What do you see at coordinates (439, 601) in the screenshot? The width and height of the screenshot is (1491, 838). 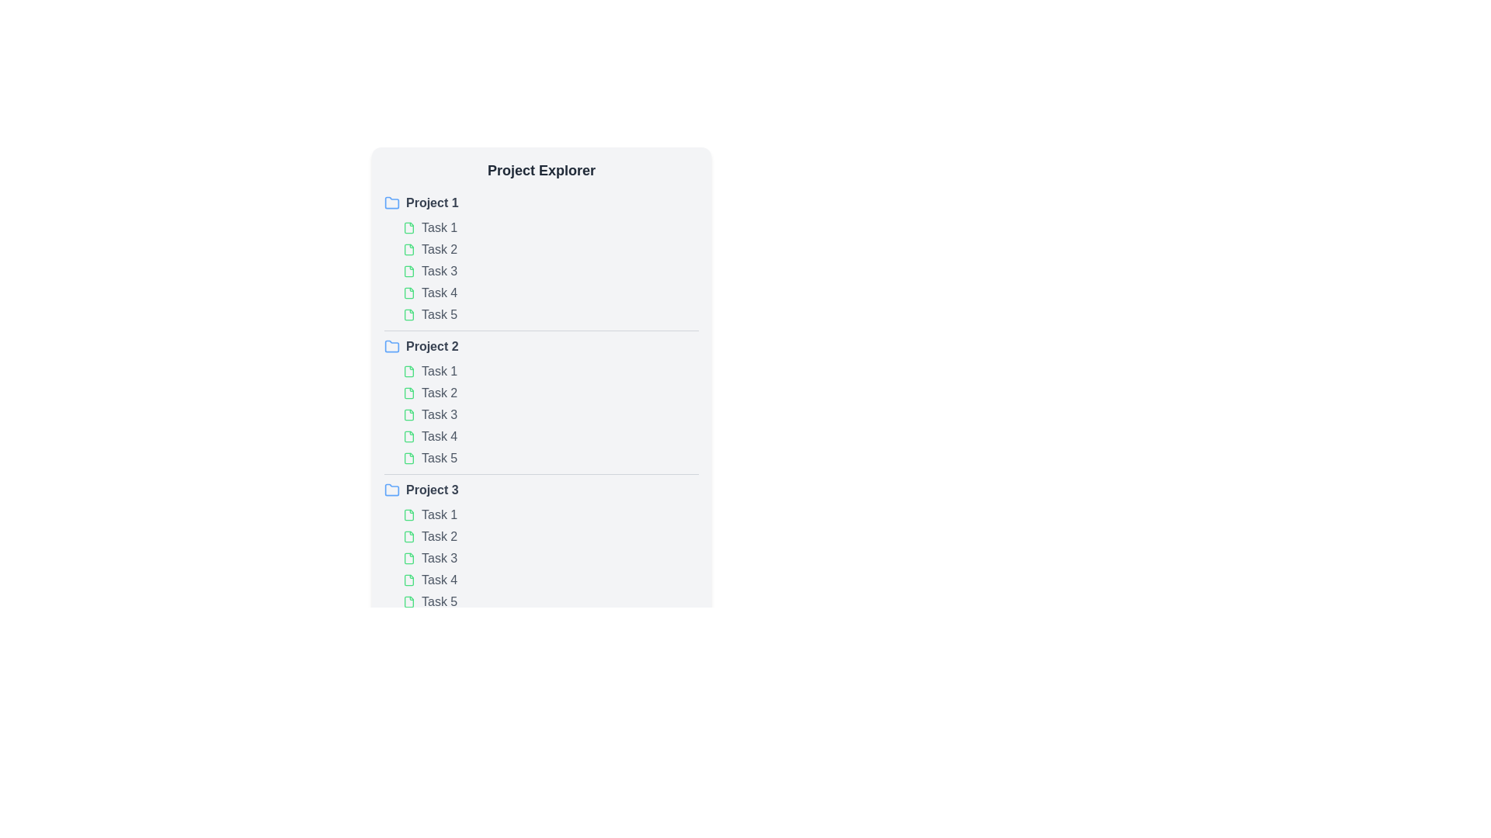 I see `the text 'Task 5' in gray color` at bounding box center [439, 601].